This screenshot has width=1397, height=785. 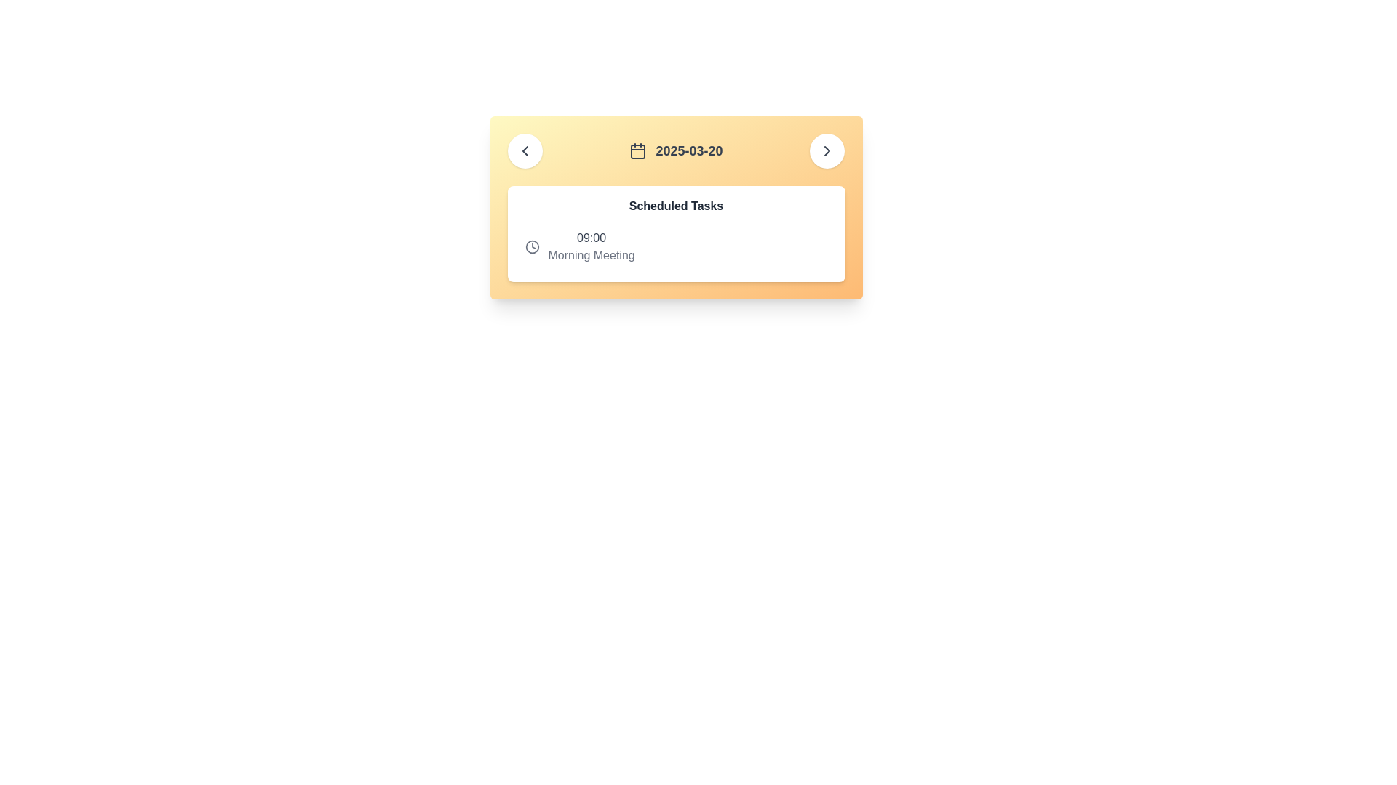 I want to click on text content of the 'Morning Meeting' label, which is styled in lighter gray and positioned beneath the time '09:00' within a schedule card interface, so click(x=592, y=254).